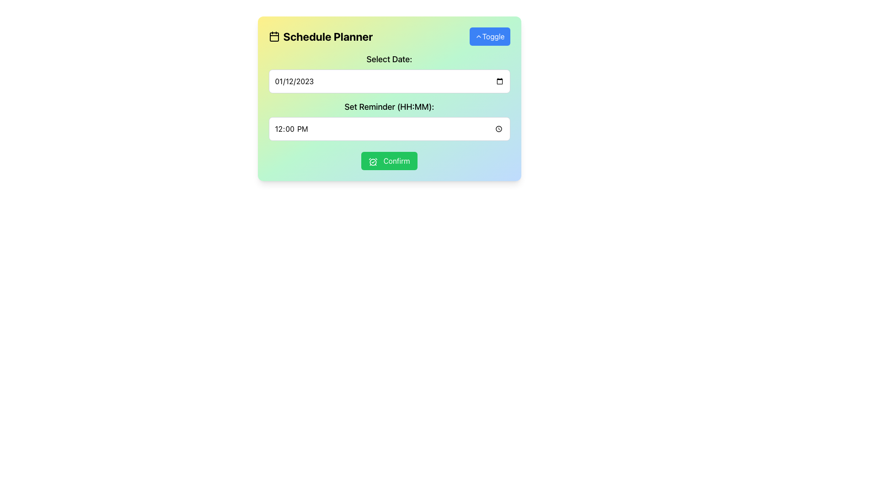 This screenshot has height=494, width=878. Describe the element at coordinates (478, 36) in the screenshot. I see `the upward chevron icon located within the 'Toggle' button in the top-right section of the 'Schedule Planner' card` at that location.